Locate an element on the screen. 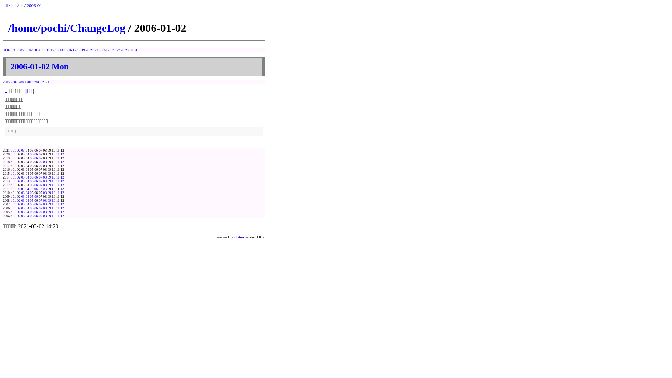 Image resolution: width=672 pixels, height=378 pixels. '12' is located at coordinates (62, 208).